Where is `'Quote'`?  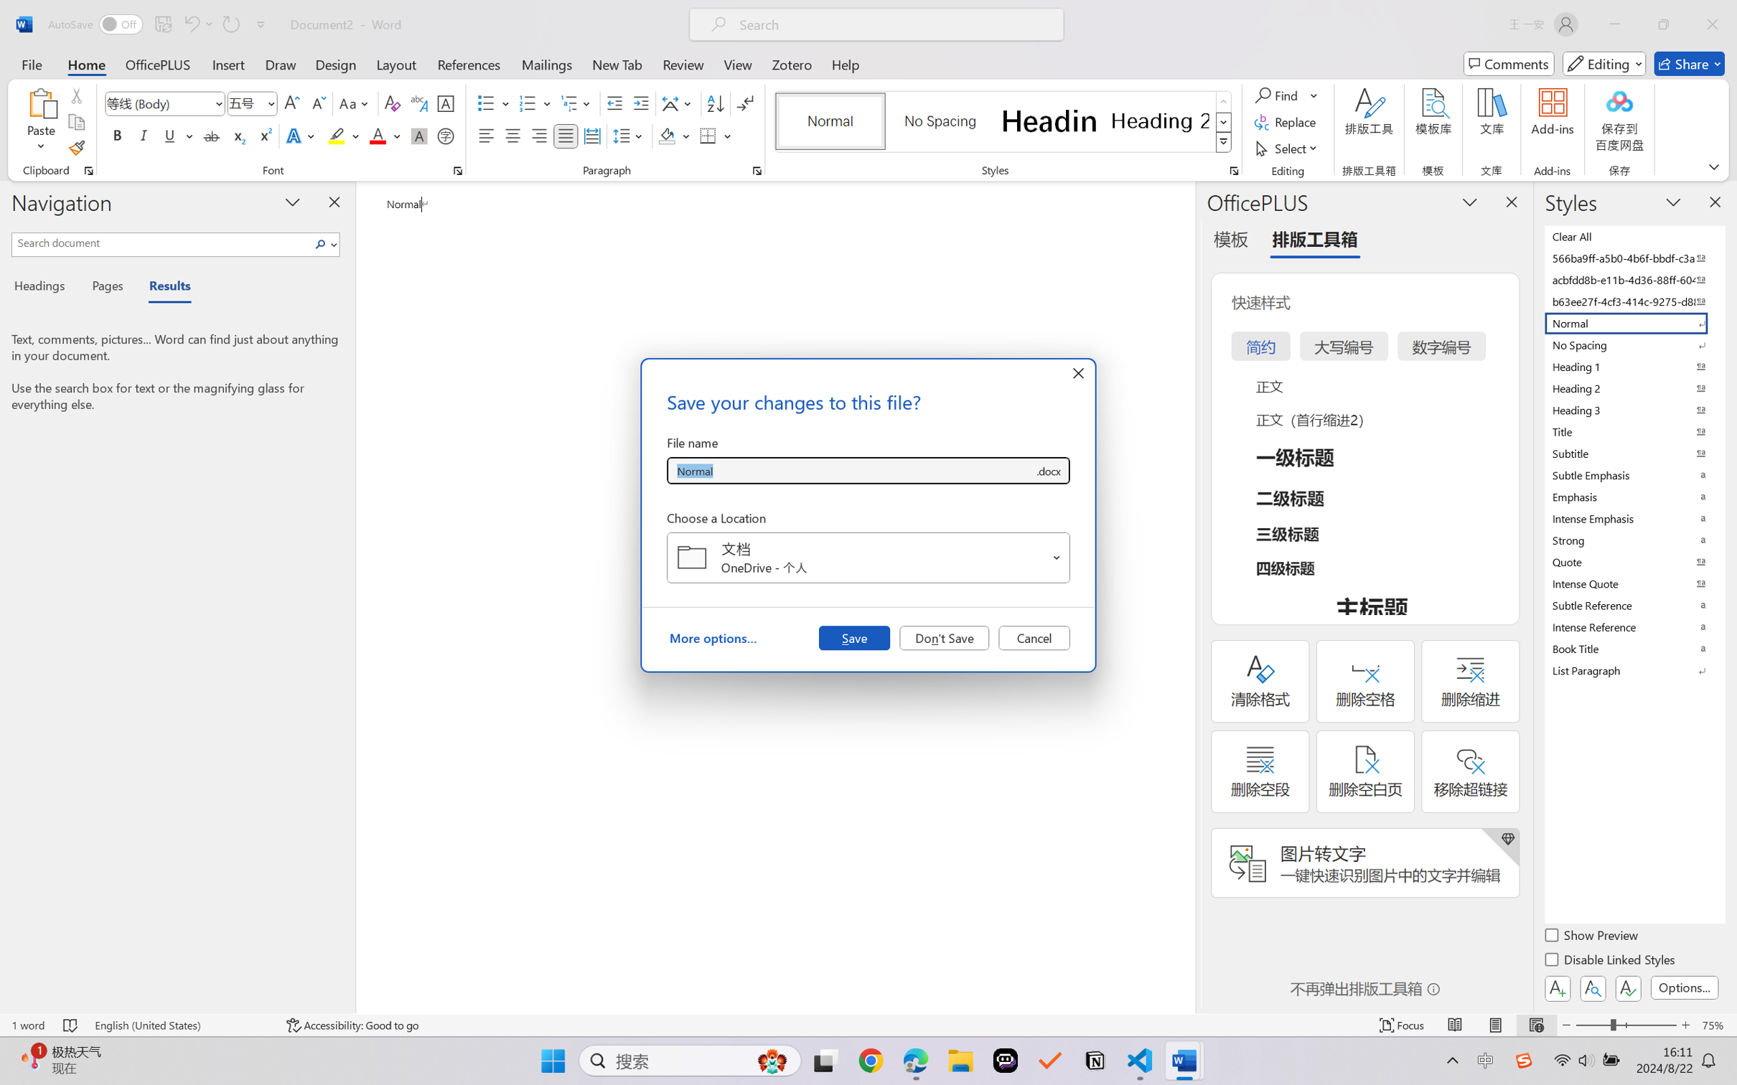 'Quote' is located at coordinates (1633, 561).